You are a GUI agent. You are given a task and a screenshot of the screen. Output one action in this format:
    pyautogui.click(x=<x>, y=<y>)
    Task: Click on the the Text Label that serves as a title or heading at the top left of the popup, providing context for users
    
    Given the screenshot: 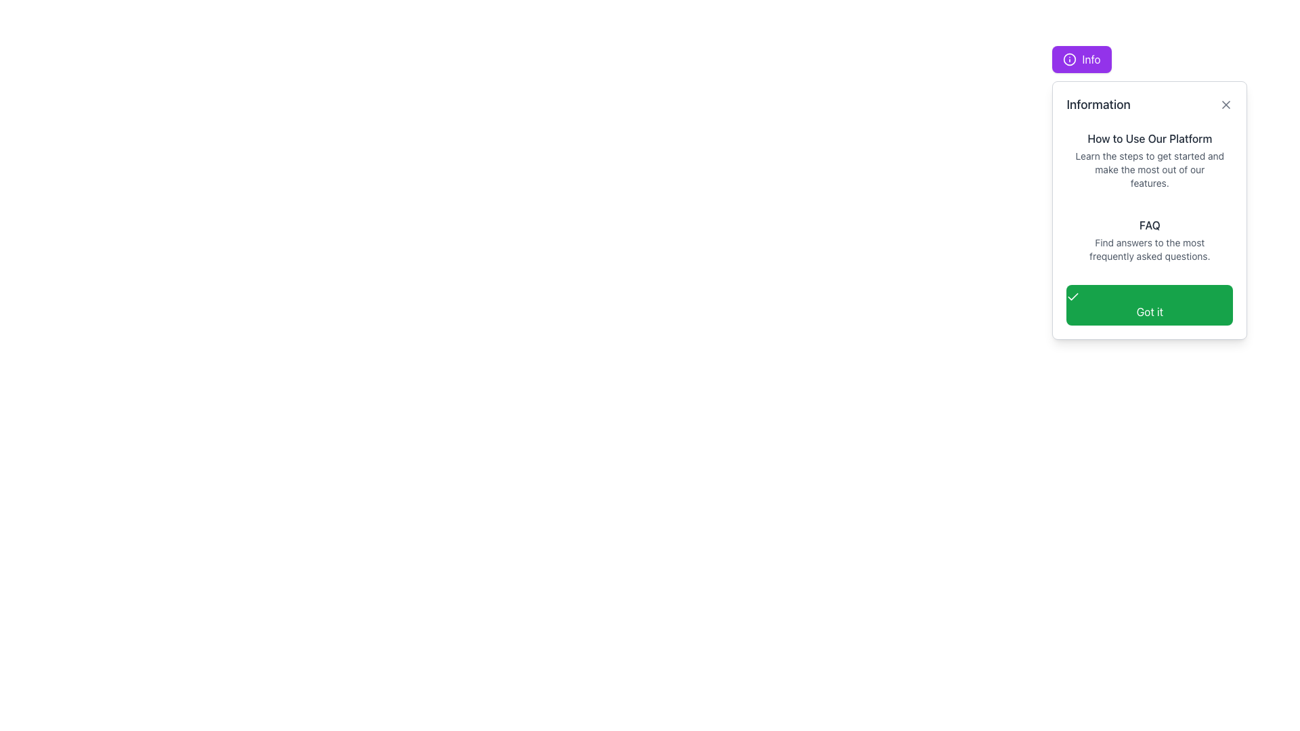 What is the action you would take?
    pyautogui.click(x=1098, y=104)
    